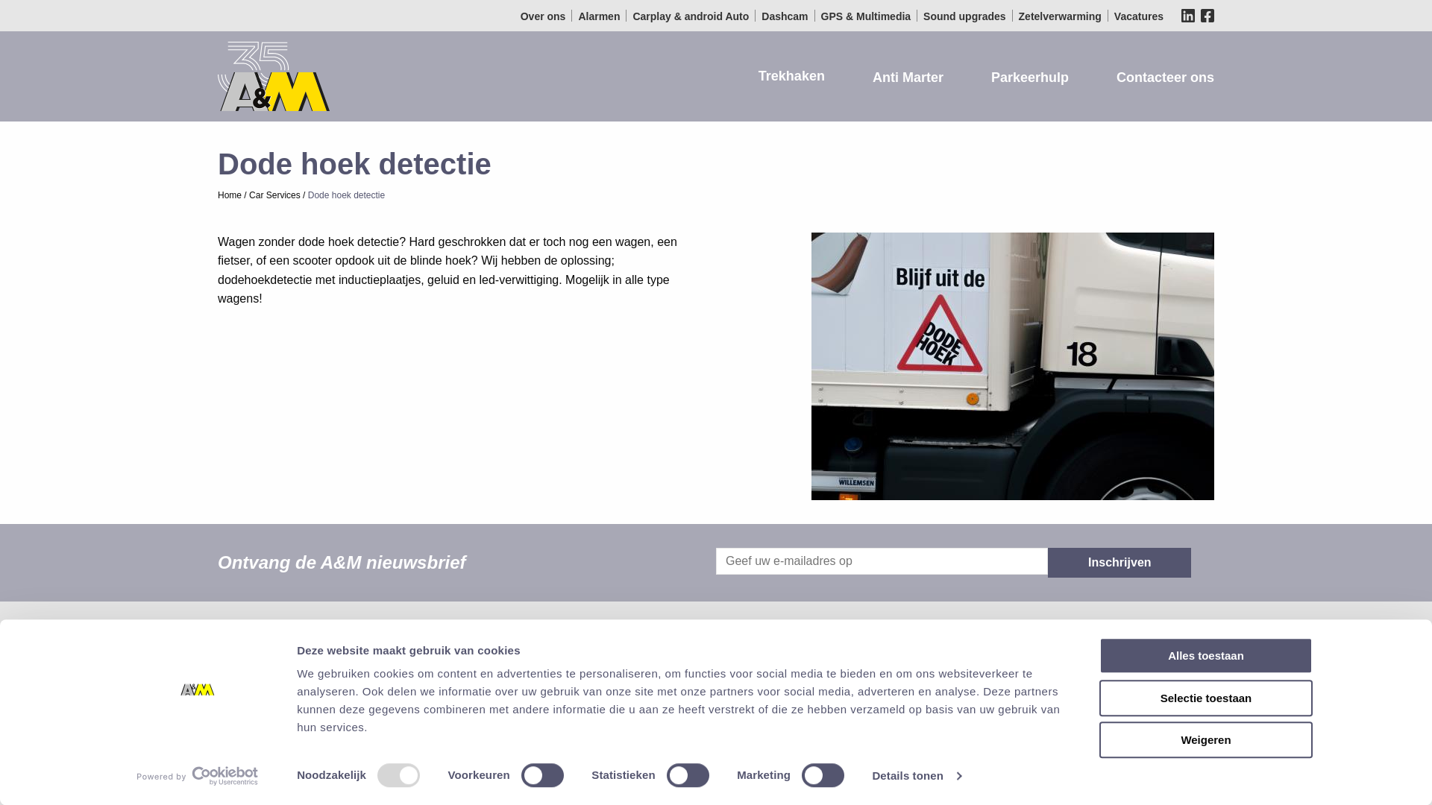 The width and height of the screenshot is (1432, 805). Describe the element at coordinates (571, 16) in the screenshot. I see `'Alarmen'` at that location.